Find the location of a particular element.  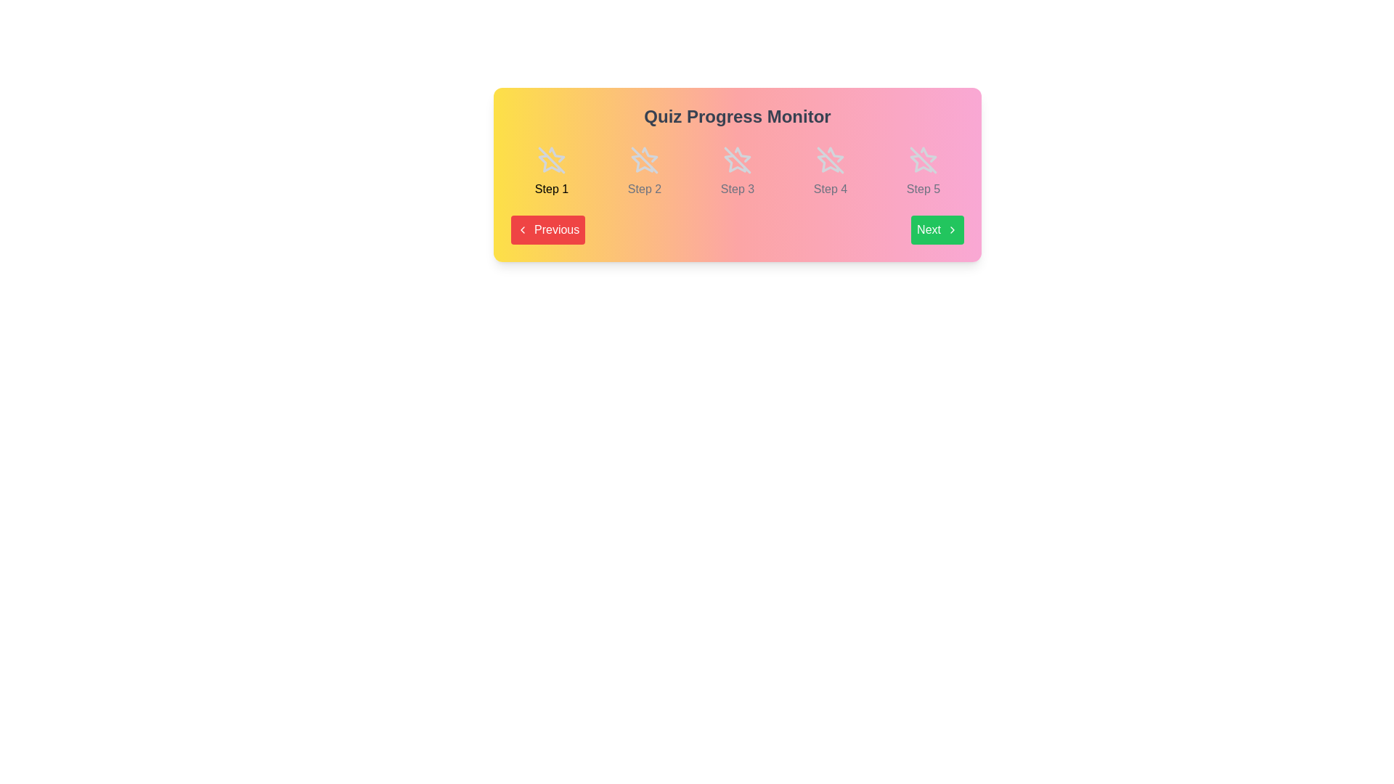

the diagonal line forming part of the decorative star icon representing 'Step 4' in the quiz progress tracker, which has a gray stroke and no fill, located below the 'Quiz Progress Monitor' heading is located at coordinates (830, 160).